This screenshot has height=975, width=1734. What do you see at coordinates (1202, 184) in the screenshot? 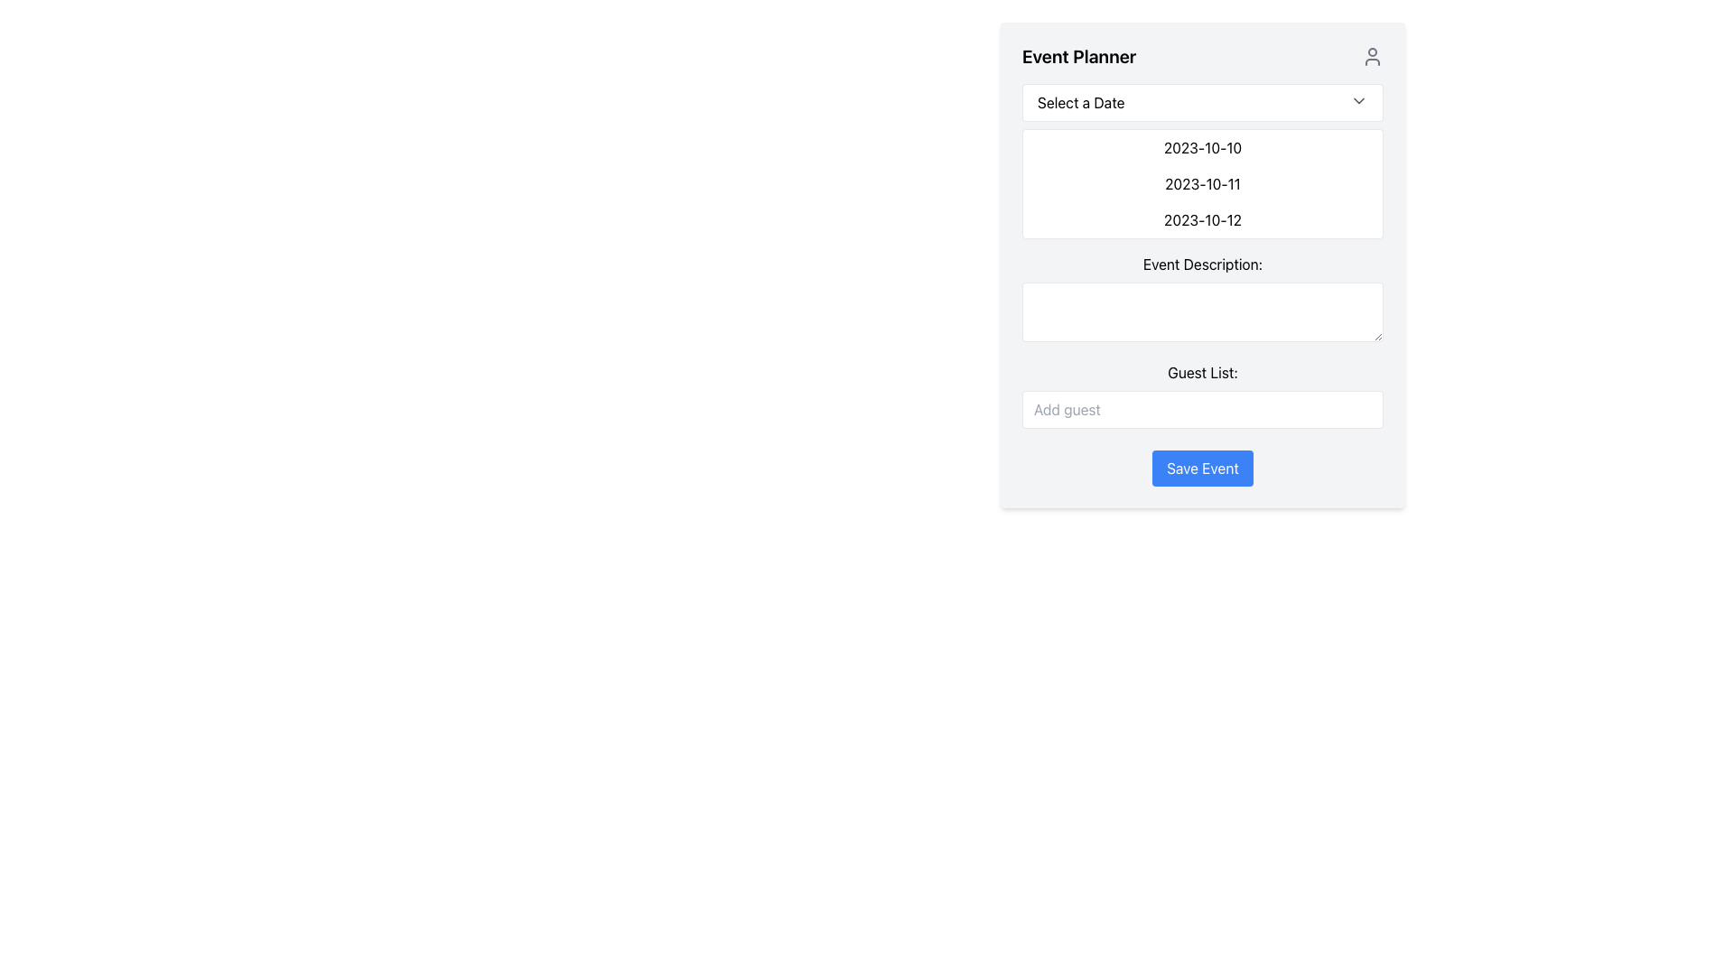
I see `the second date option in the date selection dropdown menu` at bounding box center [1202, 184].